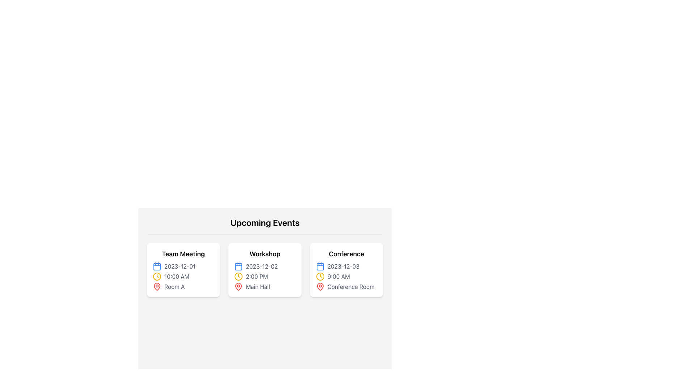 This screenshot has height=391, width=695. I want to click on the red location pin icon next to the text 'Room A' that indicates the location for the 'Team Meeting' scheduled on 2023-12-01, so click(156, 286).